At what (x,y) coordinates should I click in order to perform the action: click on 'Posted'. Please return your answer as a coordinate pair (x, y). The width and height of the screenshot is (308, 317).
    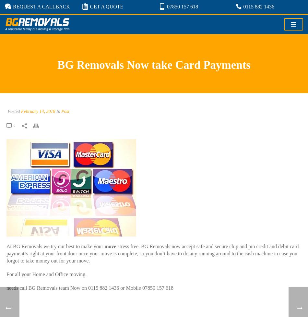
    Looking at the image, I should click on (14, 111).